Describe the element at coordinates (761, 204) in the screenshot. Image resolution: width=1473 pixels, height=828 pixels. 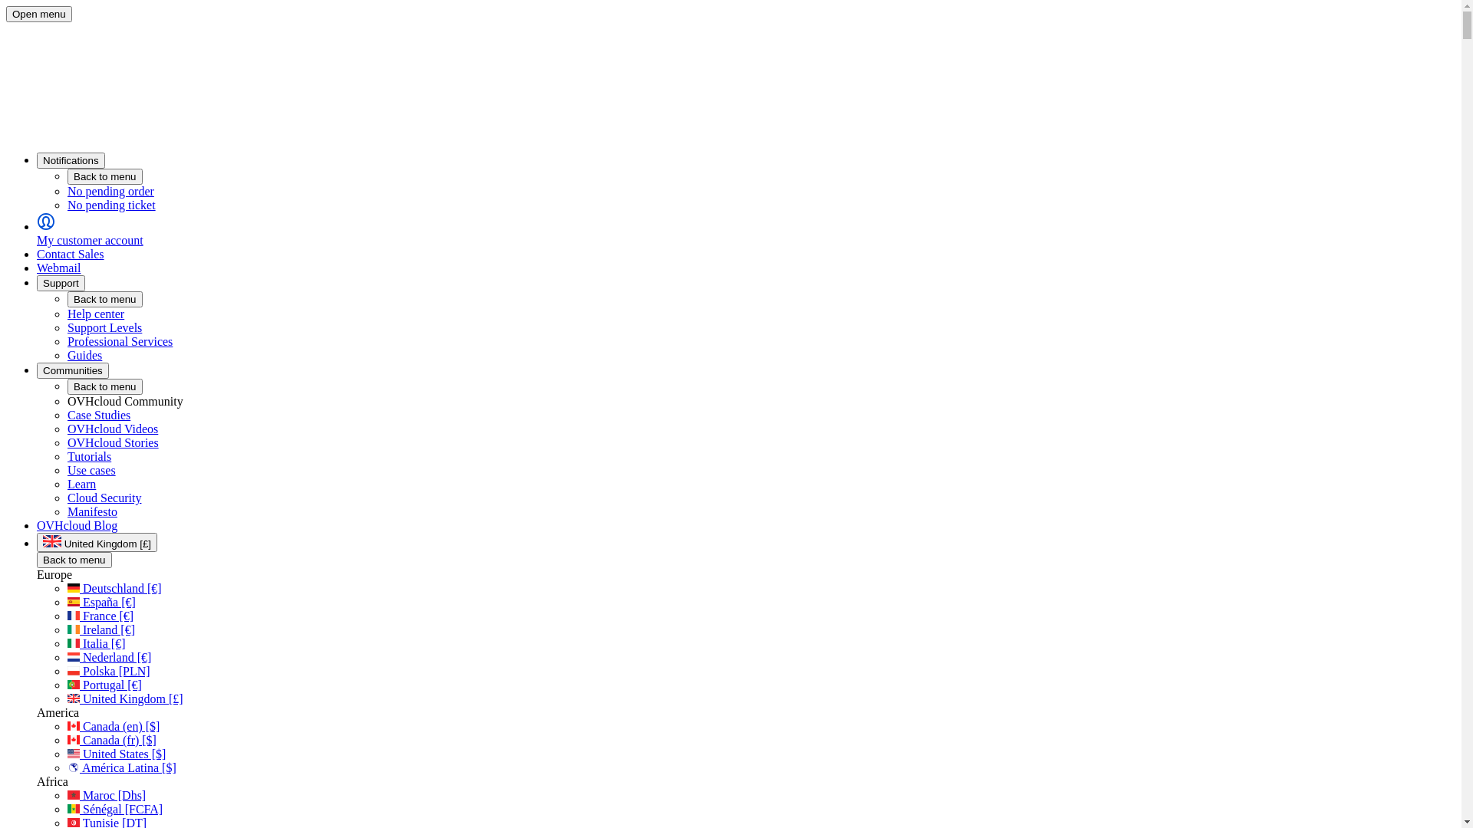
I see `'No pending ticket'` at that location.